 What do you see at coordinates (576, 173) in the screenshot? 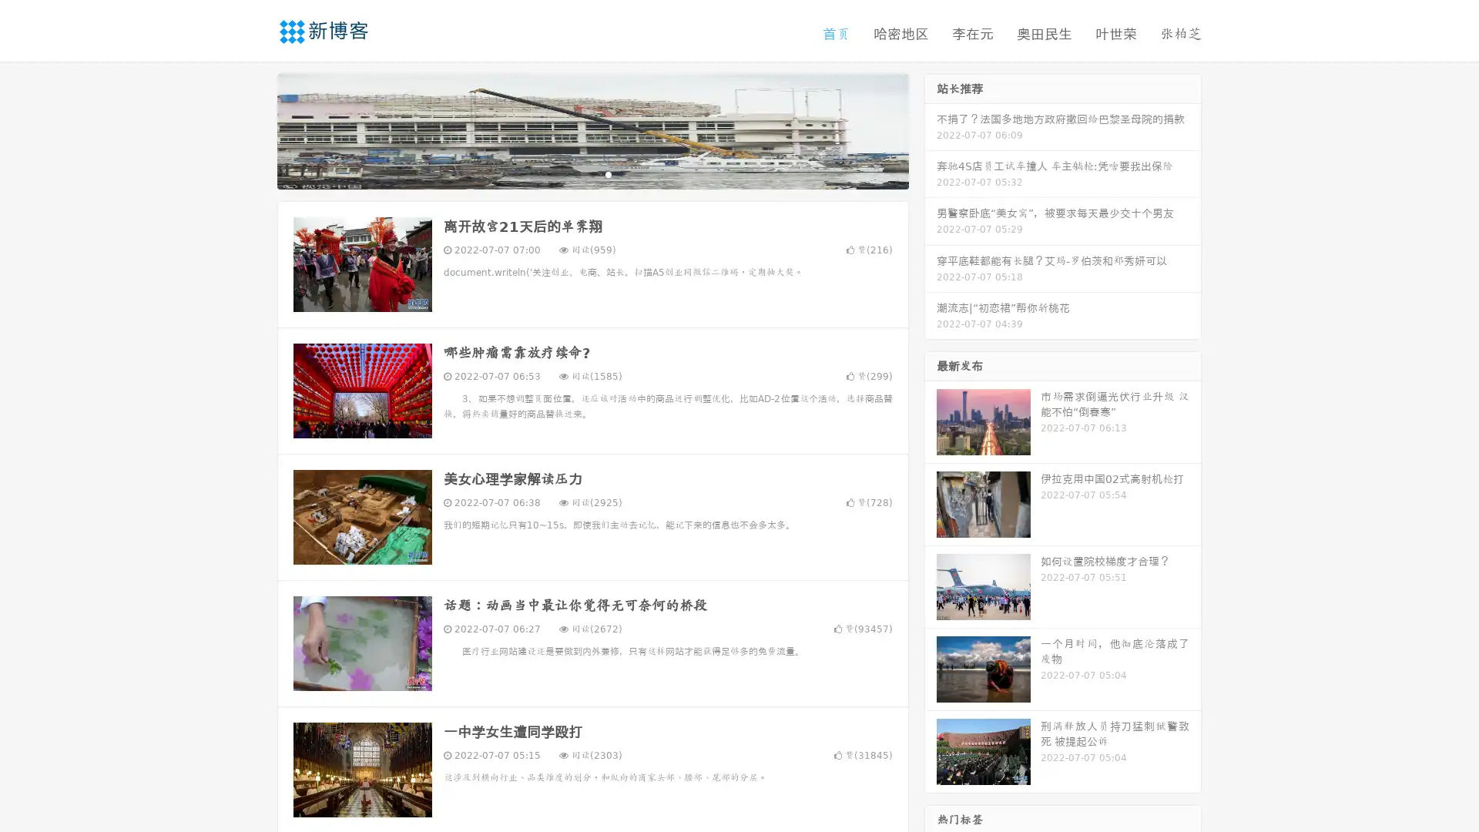
I see `Go to slide 1` at bounding box center [576, 173].